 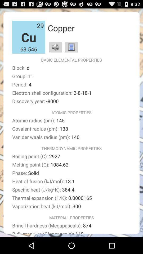 I want to click on the app above the basic elemental properties, so click(x=55, y=47).